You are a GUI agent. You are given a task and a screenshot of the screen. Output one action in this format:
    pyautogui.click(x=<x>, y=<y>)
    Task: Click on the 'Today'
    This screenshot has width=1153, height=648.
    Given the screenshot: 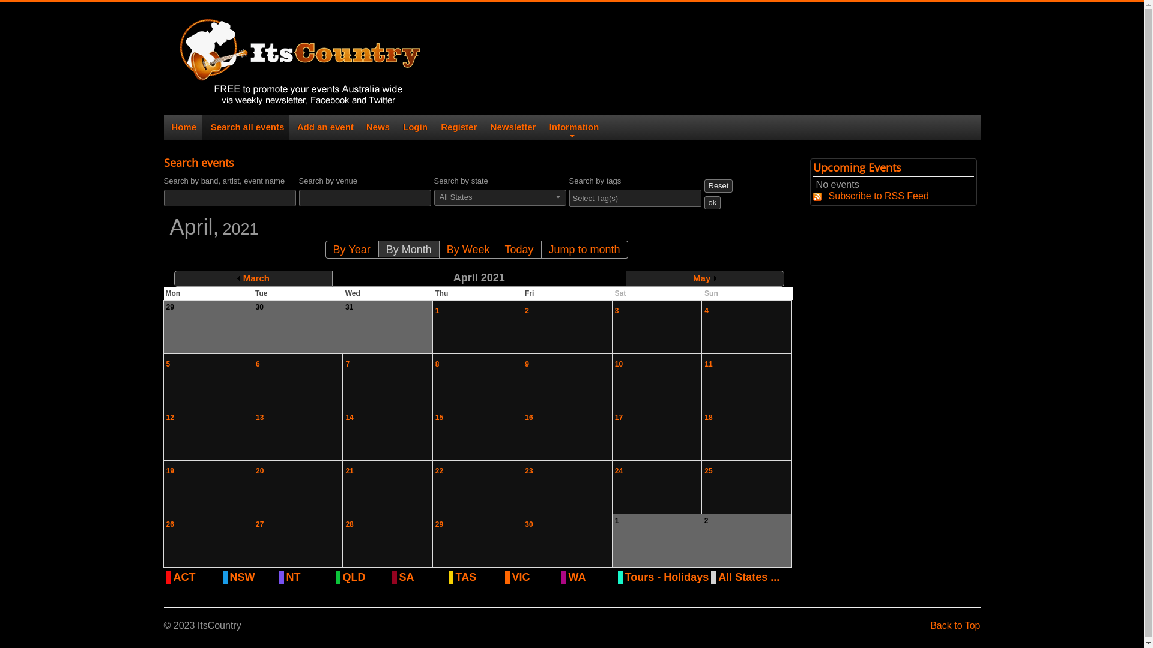 What is the action you would take?
    pyautogui.click(x=519, y=248)
    